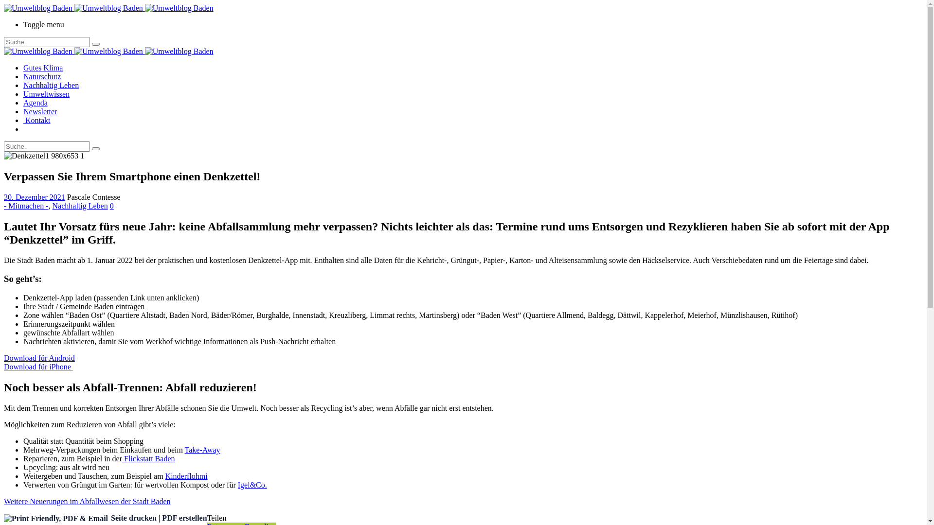 This screenshot has width=934, height=525. What do you see at coordinates (112, 205) in the screenshot?
I see `'0'` at bounding box center [112, 205].